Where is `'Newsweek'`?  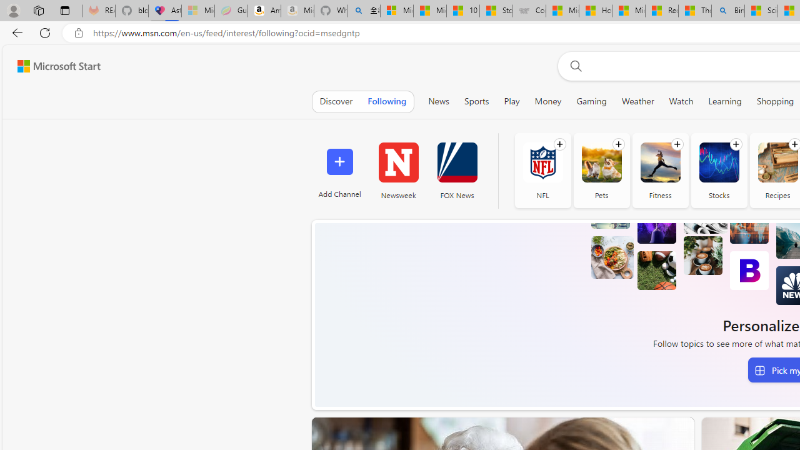
'Newsweek' is located at coordinates (397, 170).